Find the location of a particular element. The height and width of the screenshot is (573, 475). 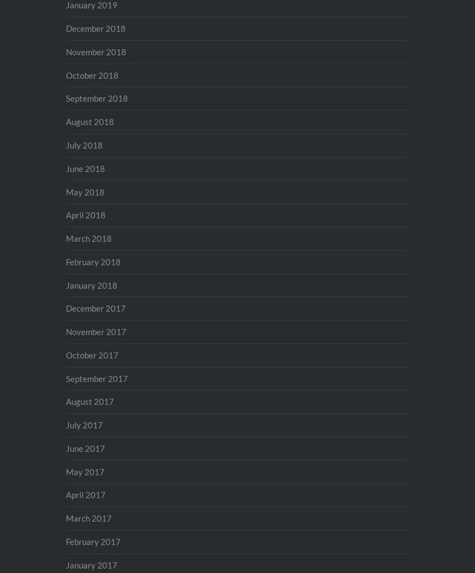

'October 2017' is located at coordinates (92, 354).